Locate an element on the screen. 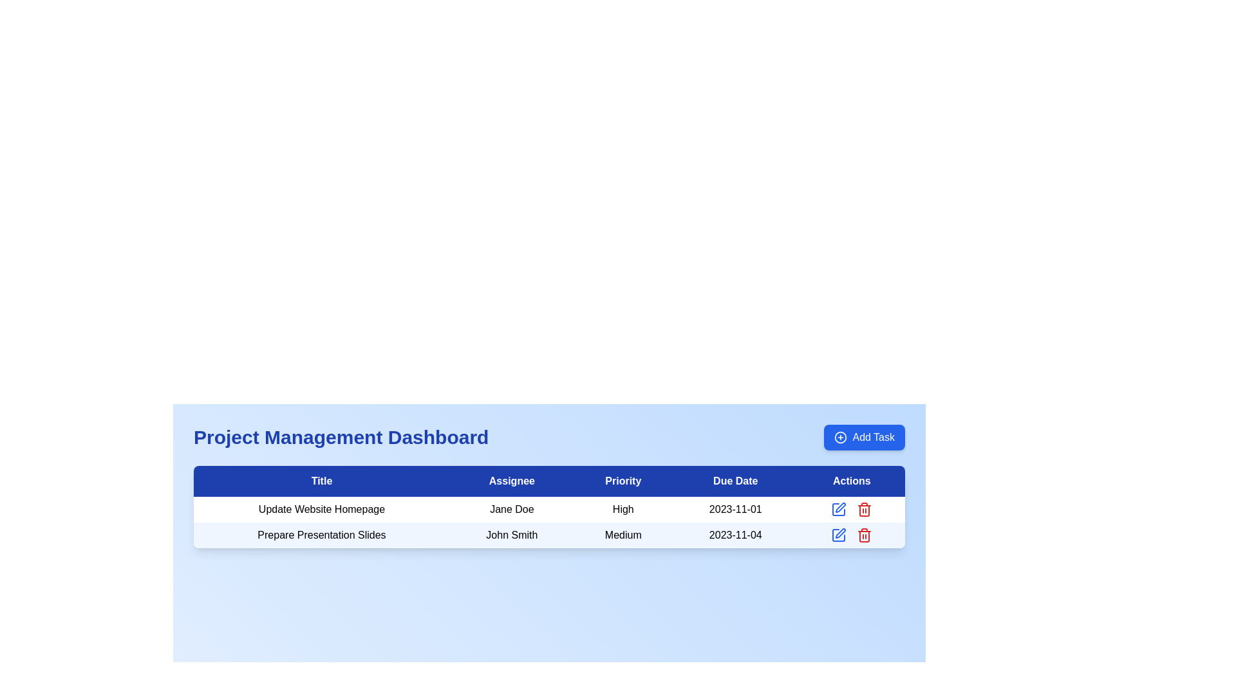 The height and width of the screenshot is (695, 1236). the icon button in the 'Actions' cell of the row for the task 'Prepare Presentation Slides' to initiate editing is located at coordinates (852, 535).